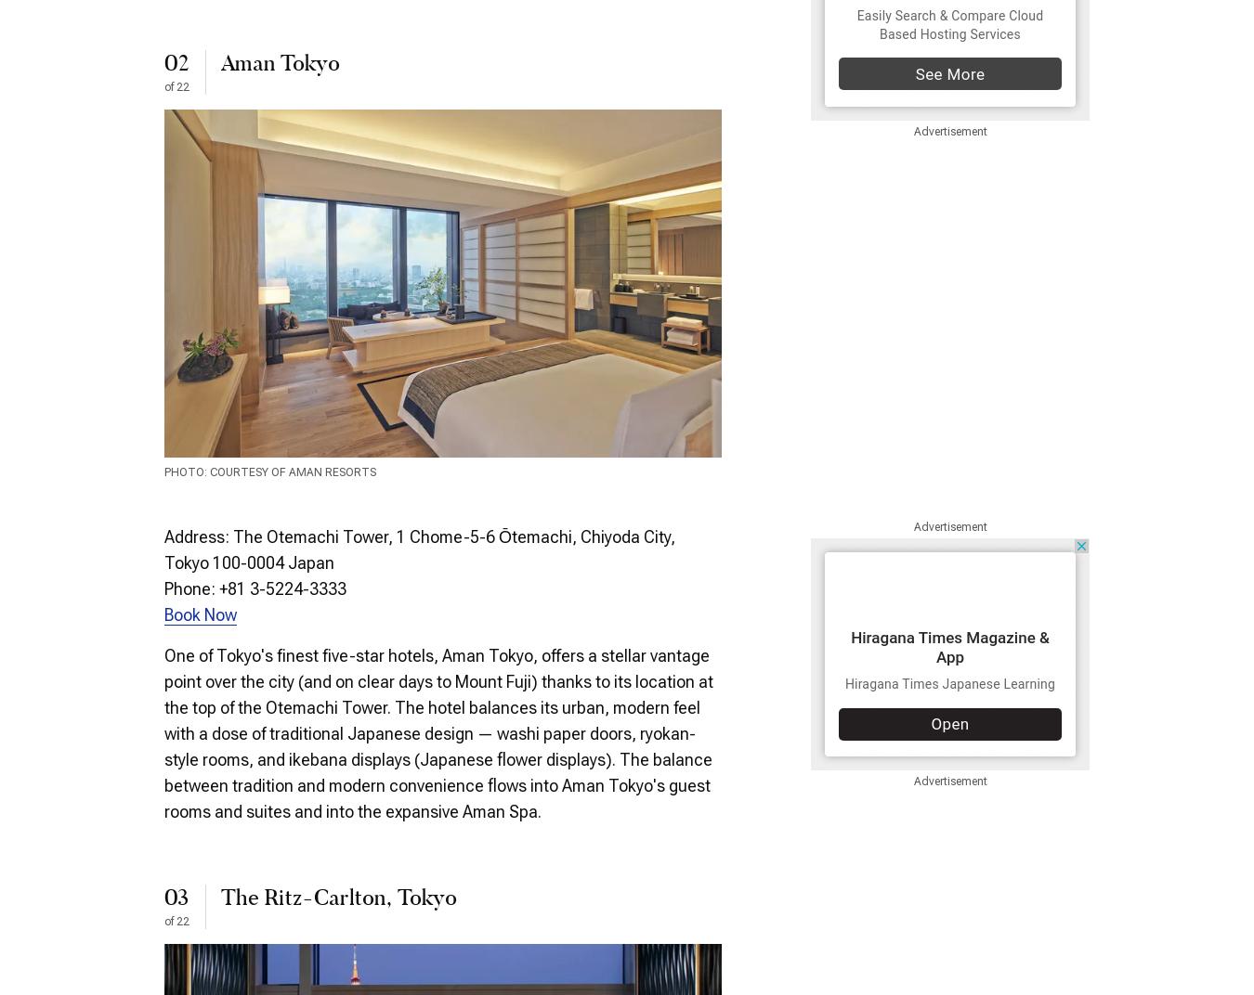  Describe the element at coordinates (176, 898) in the screenshot. I see `'03'` at that location.